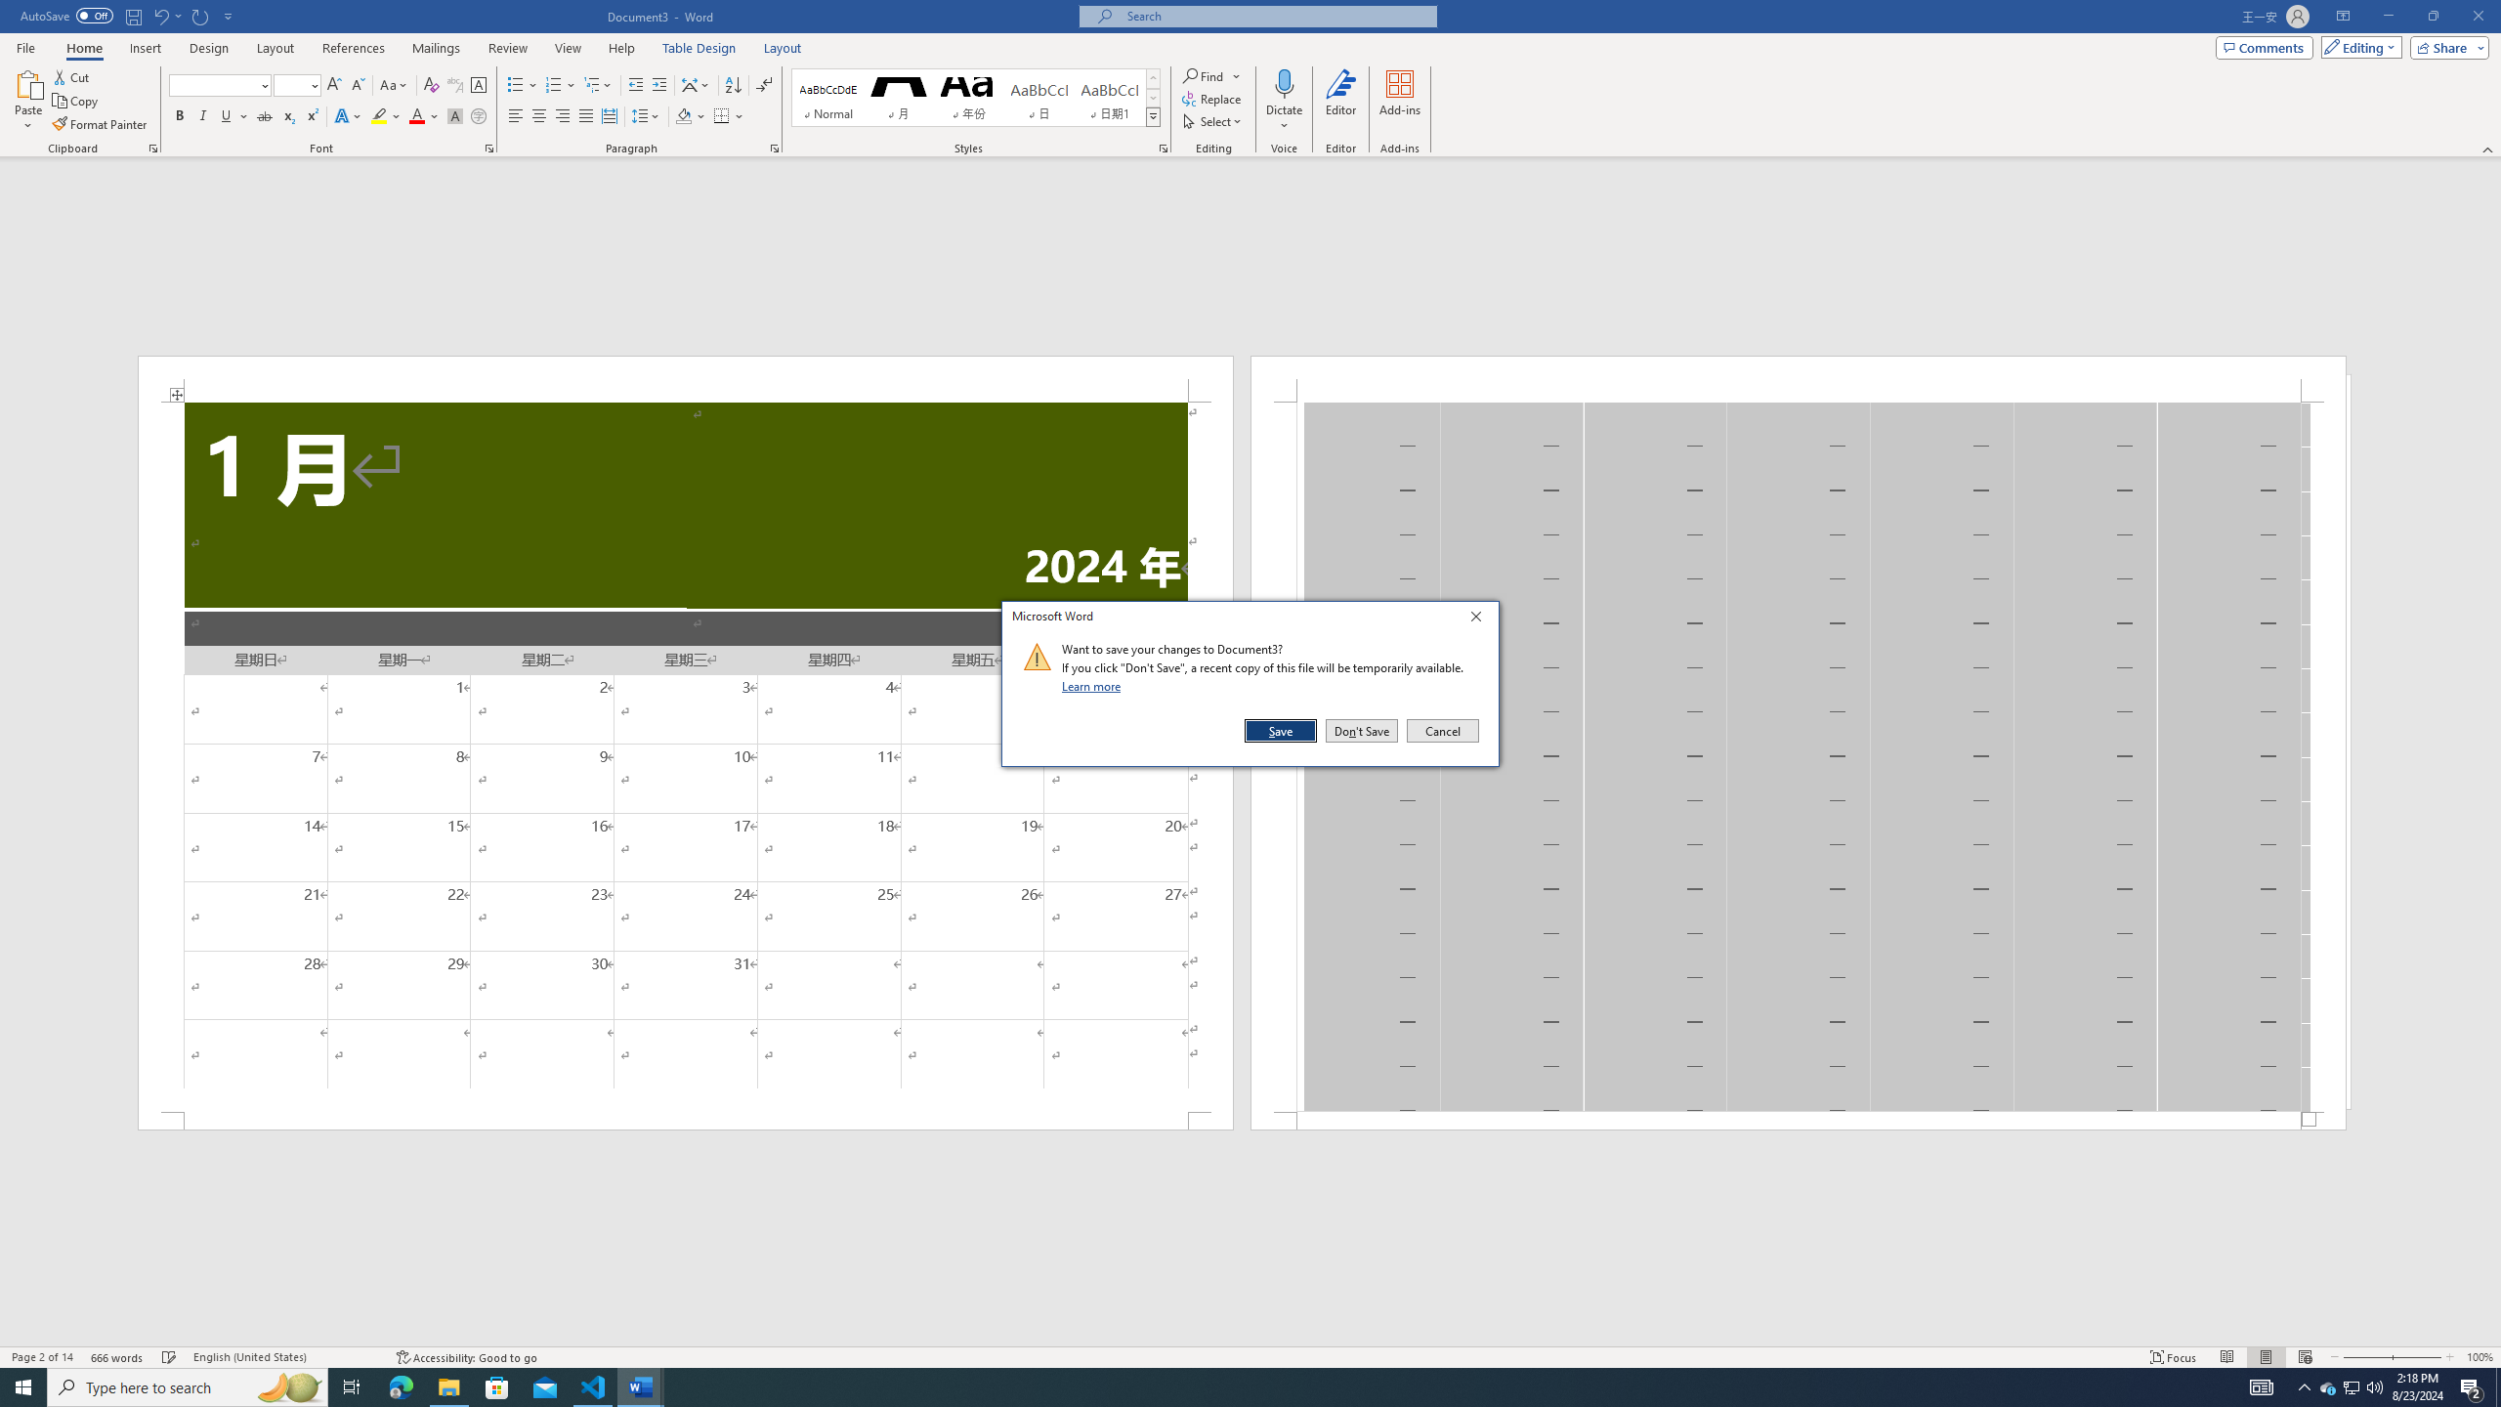  Describe the element at coordinates (378, 115) in the screenshot. I see `'Text Highlight Color Yellow'` at that location.